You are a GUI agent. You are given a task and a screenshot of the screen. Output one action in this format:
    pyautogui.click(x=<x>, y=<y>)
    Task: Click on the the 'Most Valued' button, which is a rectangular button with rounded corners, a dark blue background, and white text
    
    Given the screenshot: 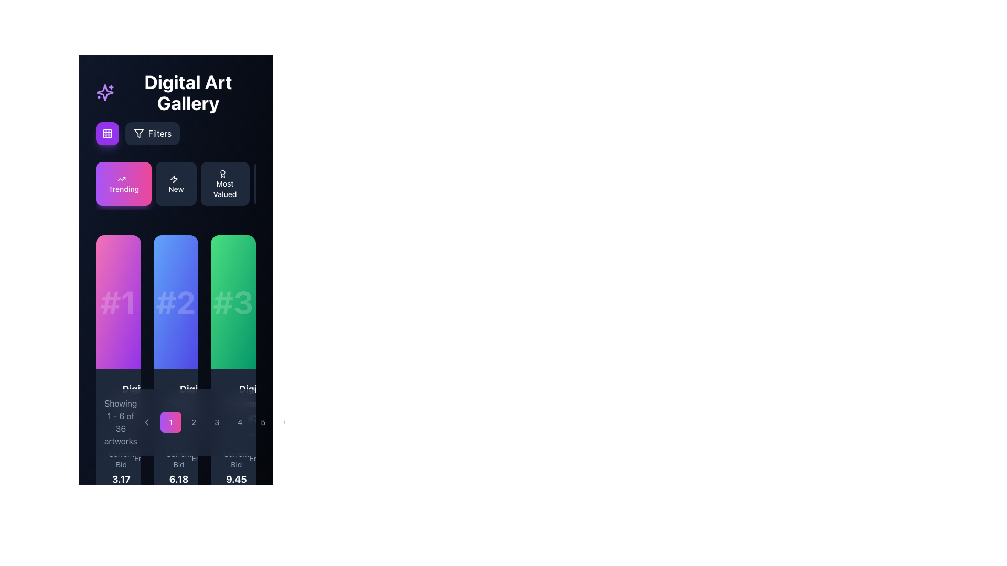 What is the action you would take?
    pyautogui.click(x=224, y=183)
    